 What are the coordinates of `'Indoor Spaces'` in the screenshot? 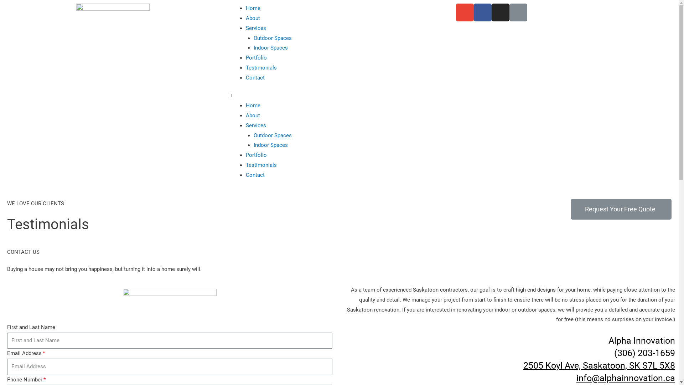 It's located at (270, 48).